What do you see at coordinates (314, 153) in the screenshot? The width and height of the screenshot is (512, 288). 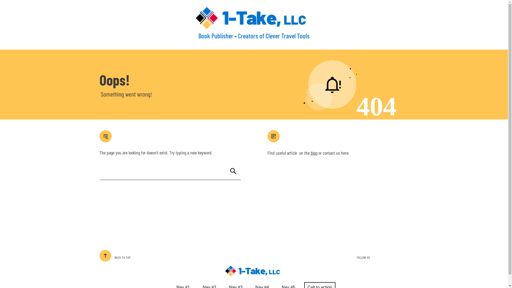 I see `'blog'` at bounding box center [314, 153].